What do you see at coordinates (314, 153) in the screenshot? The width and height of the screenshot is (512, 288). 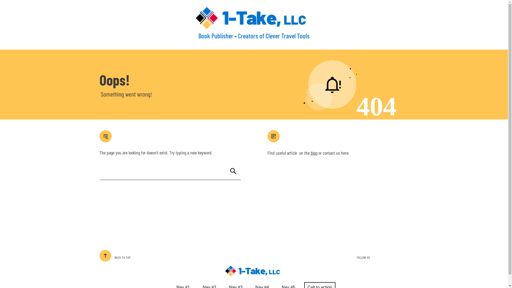 I see `'blog'` at bounding box center [314, 153].